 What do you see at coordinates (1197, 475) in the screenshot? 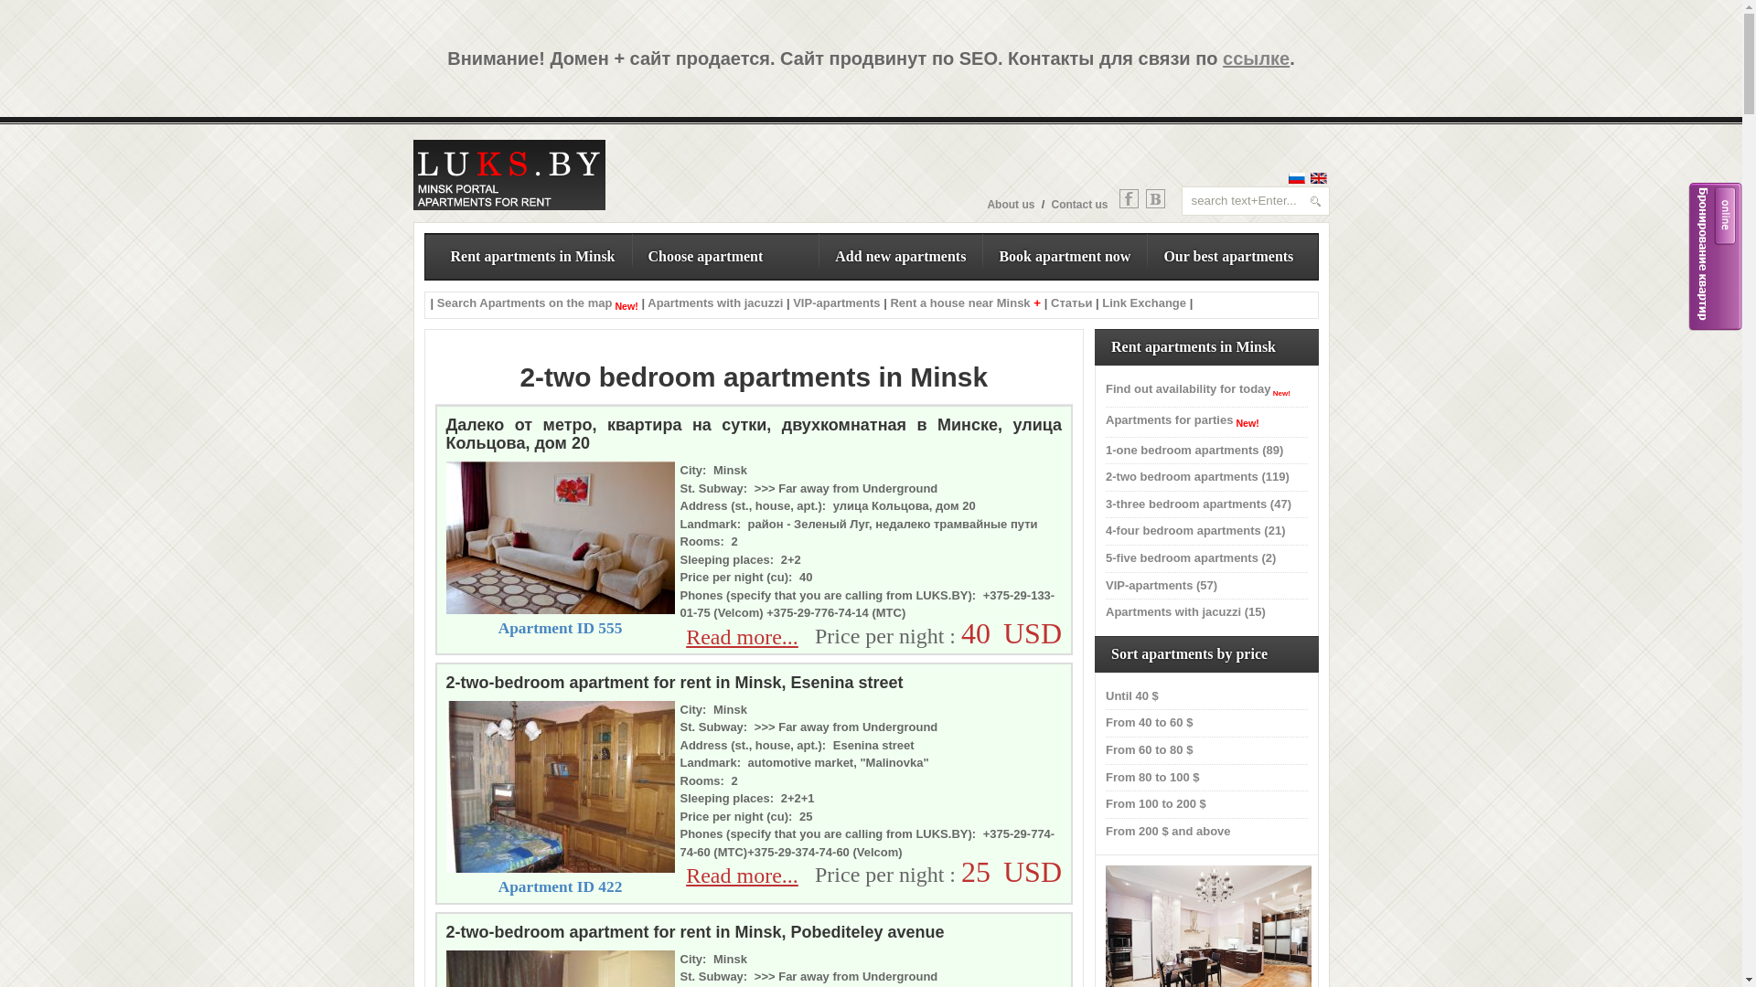
I see `'2-two bedroom apartments (119)'` at bounding box center [1197, 475].